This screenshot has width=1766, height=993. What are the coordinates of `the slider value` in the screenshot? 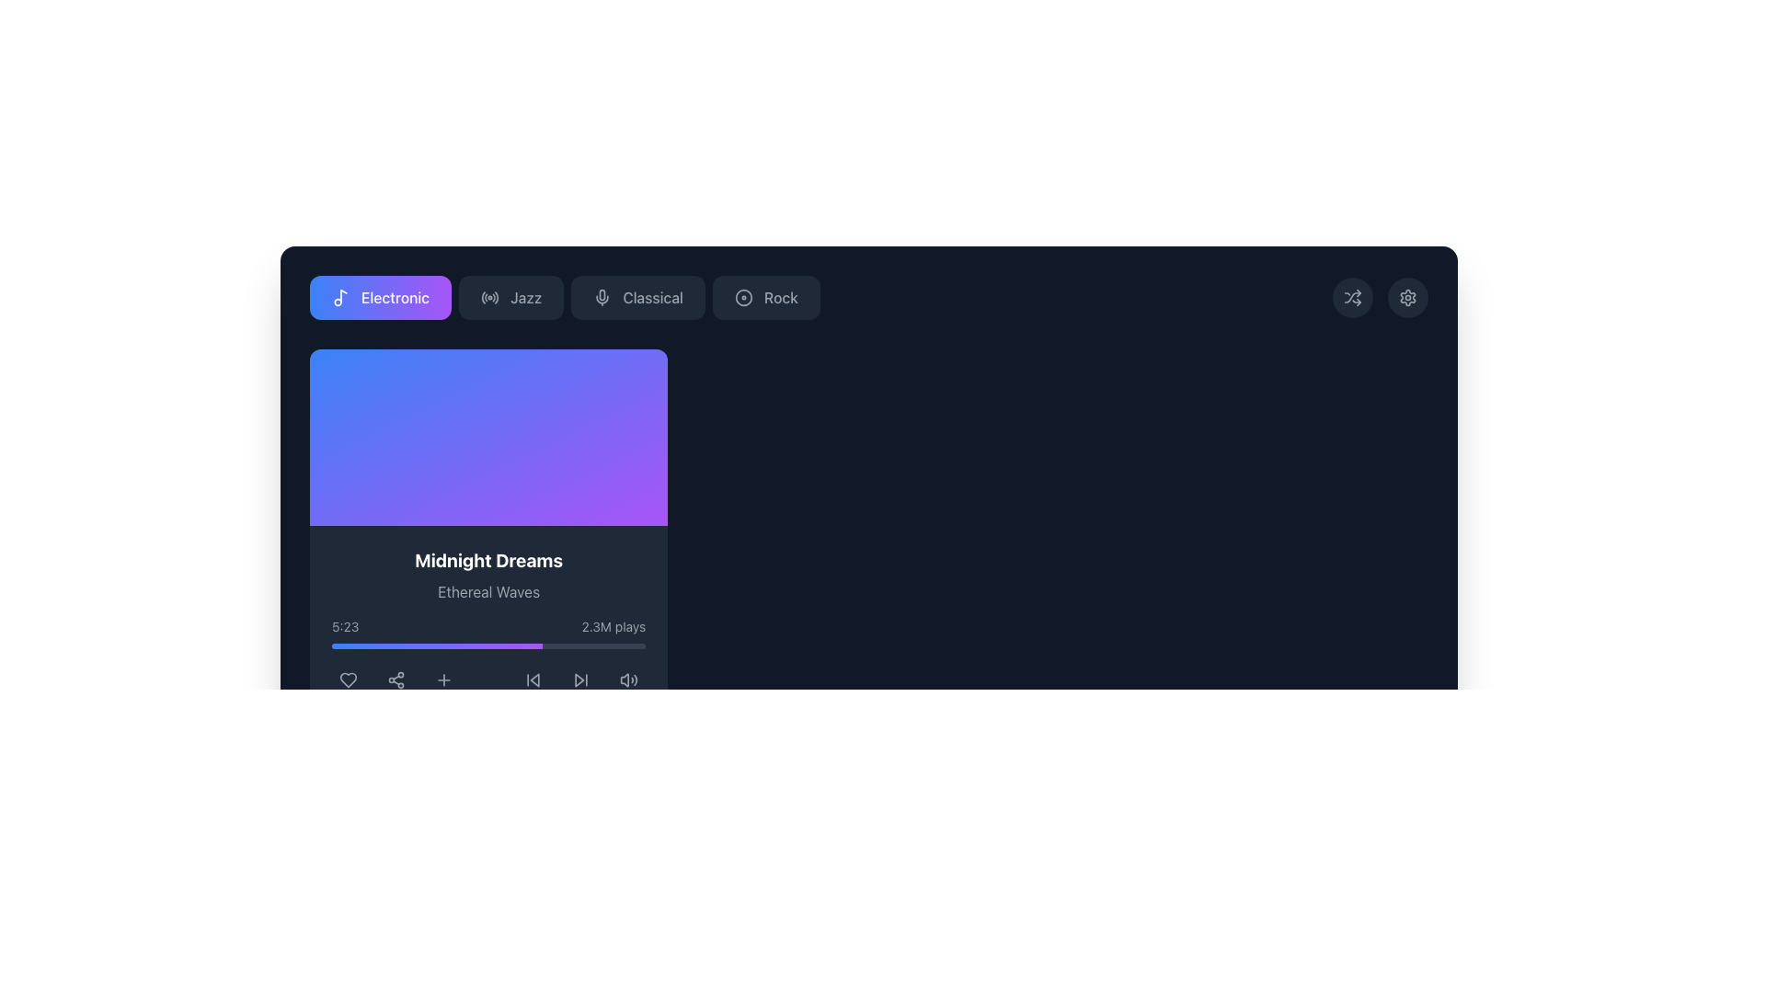 It's located at (473, 645).